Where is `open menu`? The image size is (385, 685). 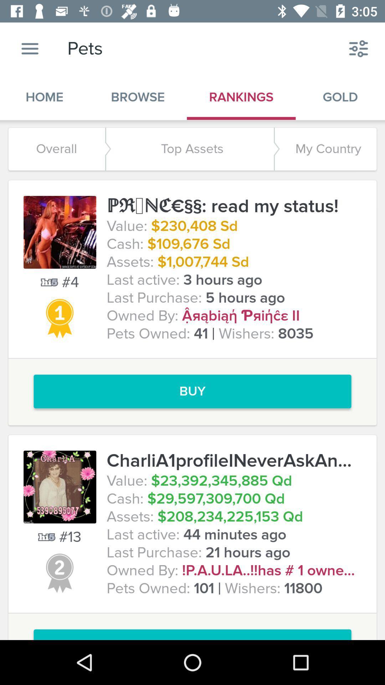 open menu is located at coordinates (30, 48).